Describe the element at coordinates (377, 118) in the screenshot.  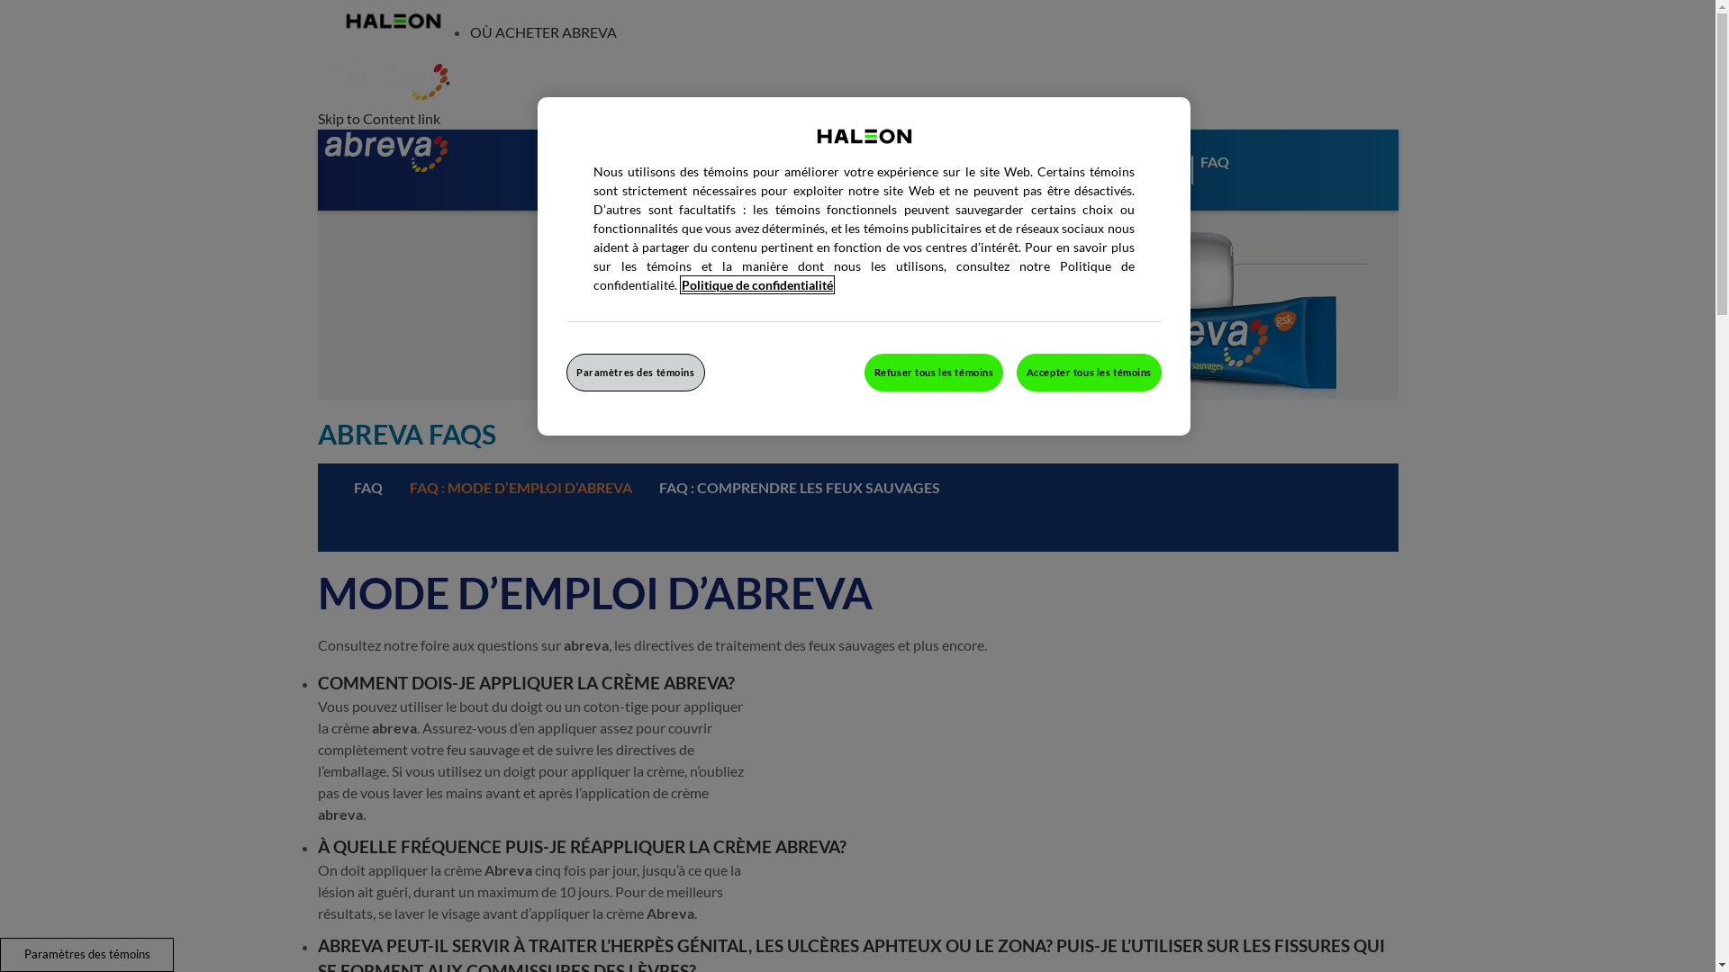
I see `'Skip to Content link'` at that location.